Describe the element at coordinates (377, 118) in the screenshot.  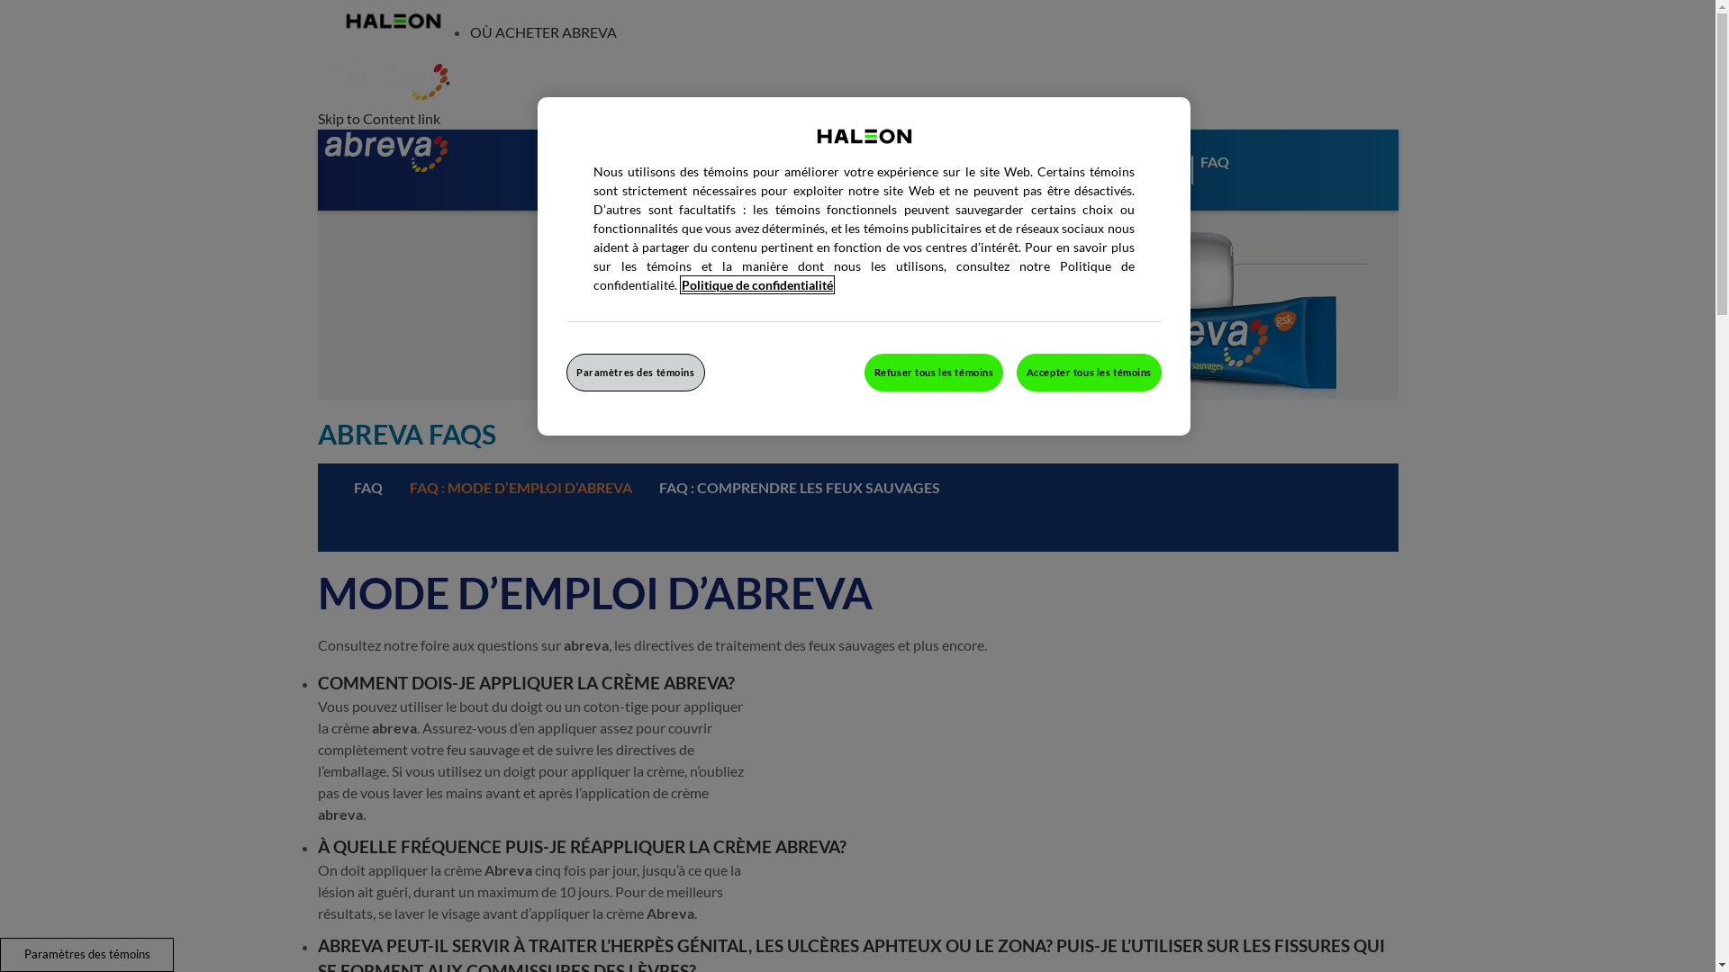
I see `'Skip to Content link'` at that location.